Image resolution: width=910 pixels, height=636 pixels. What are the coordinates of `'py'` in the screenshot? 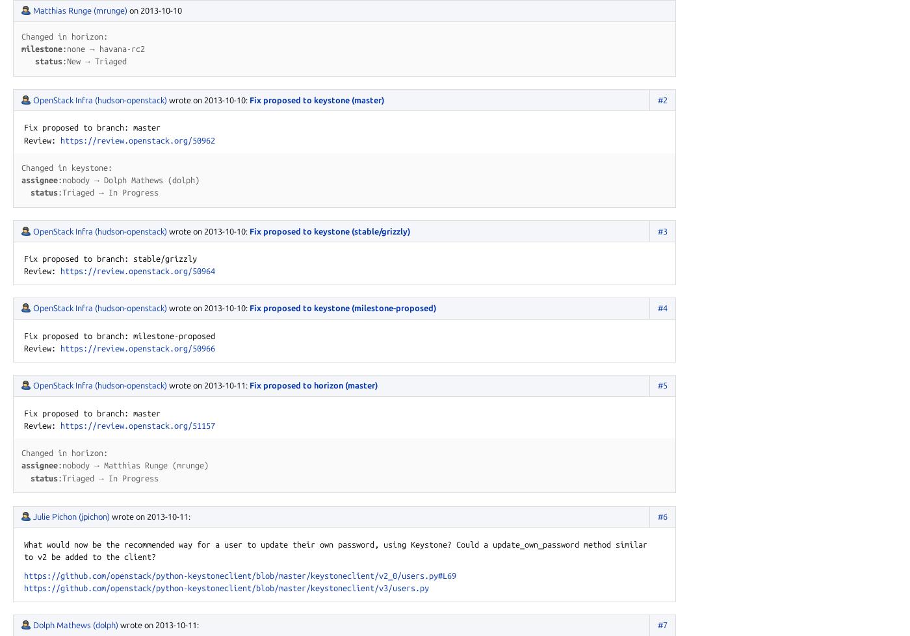 It's located at (424, 587).